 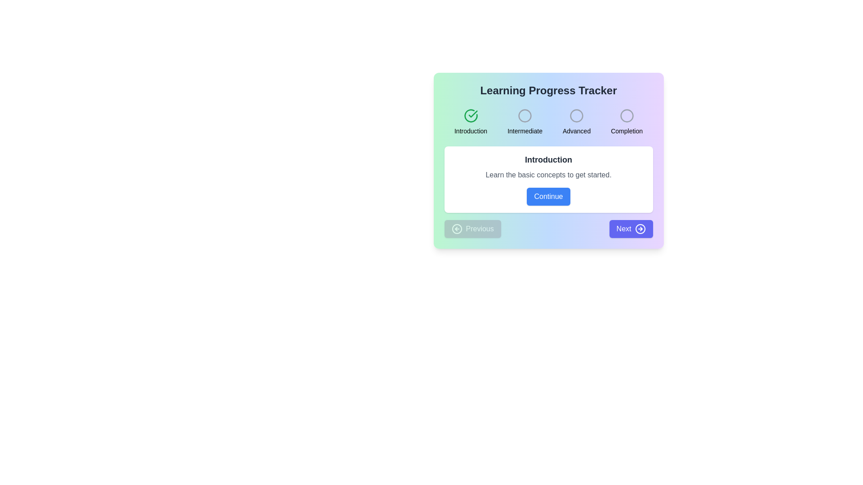 I want to click on the 'Completion' stage representation, so click(x=626, y=122).